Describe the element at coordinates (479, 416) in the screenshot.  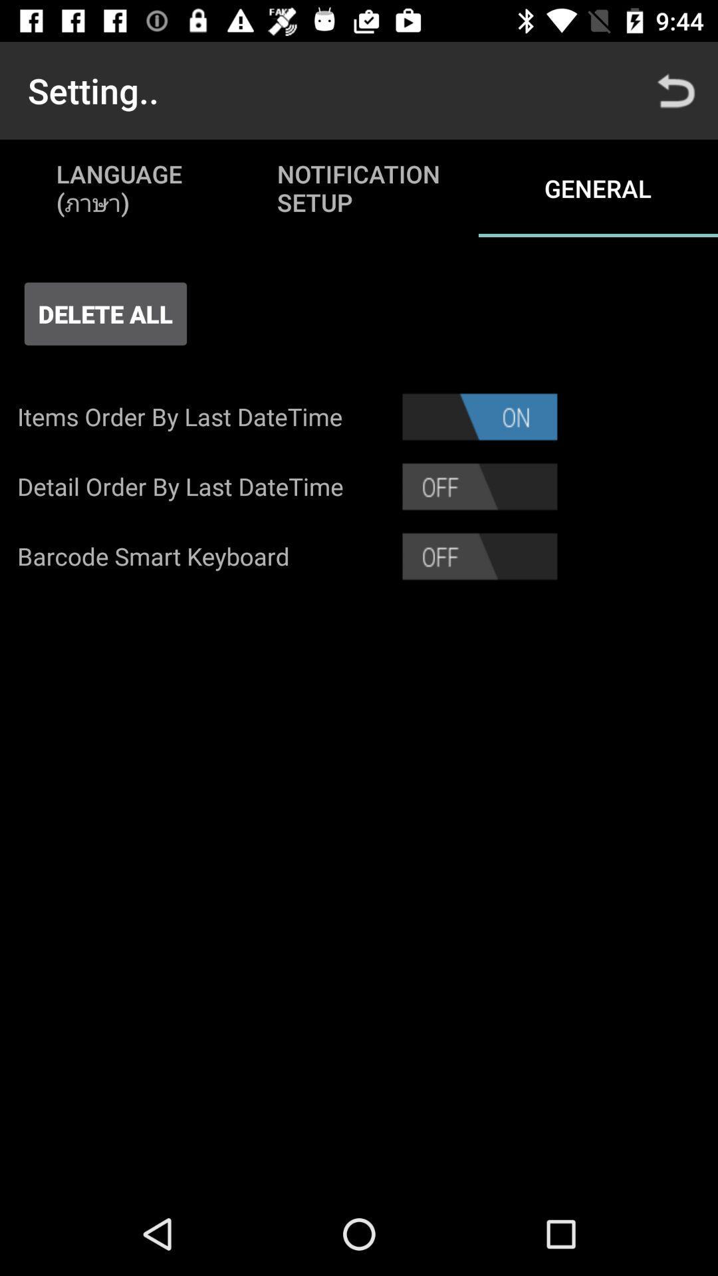
I see `the app next to the items order by item` at that location.